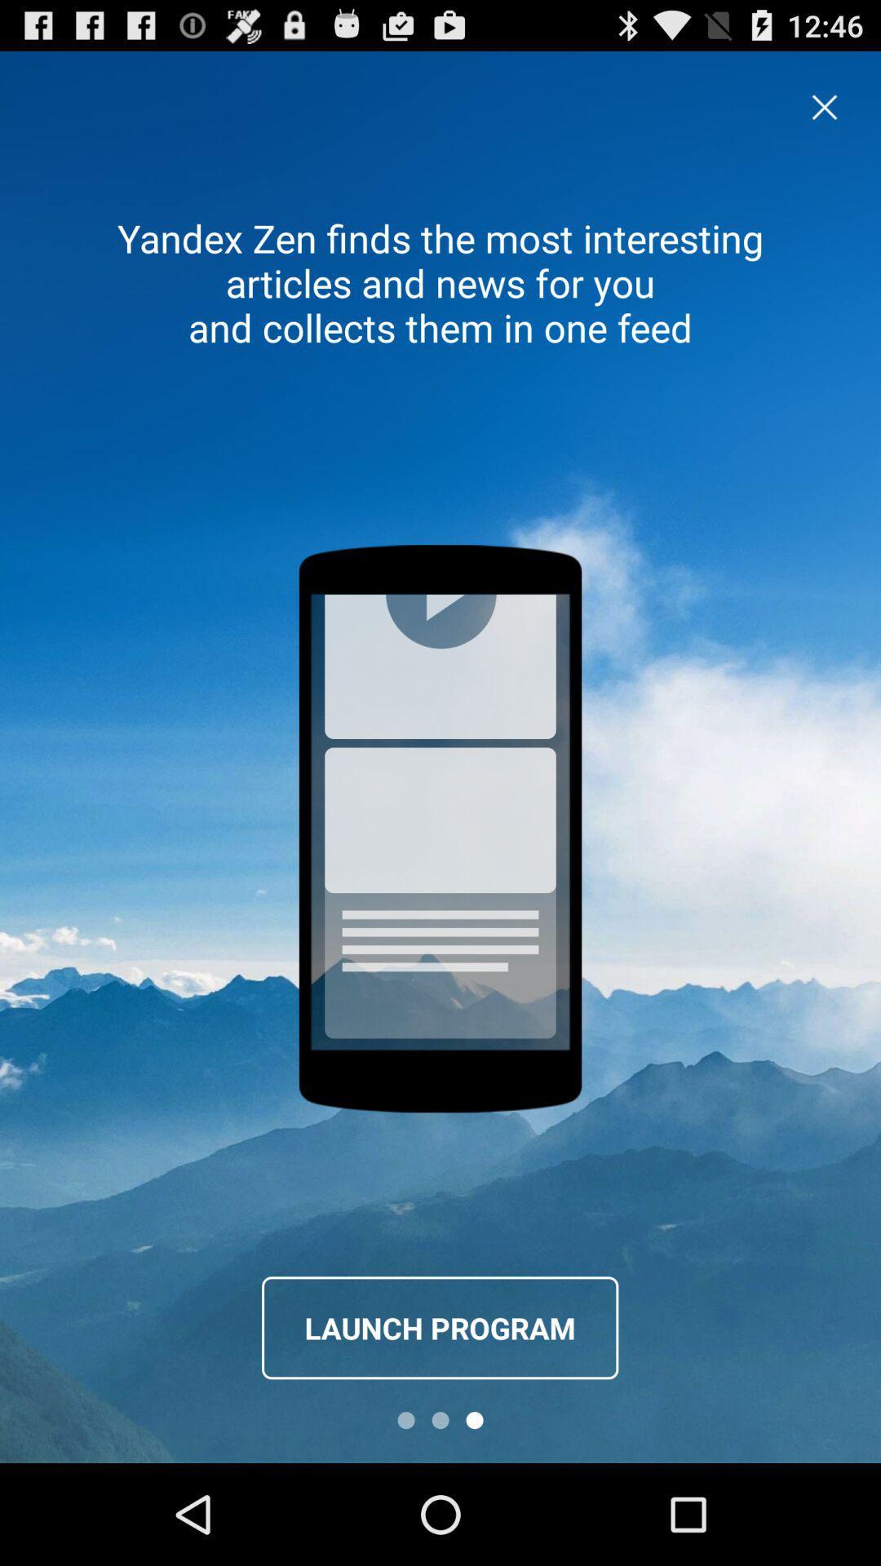 Image resolution: width=881 pixels, height=1566 pixels. I want to click on the close icon, so click(824, 113).